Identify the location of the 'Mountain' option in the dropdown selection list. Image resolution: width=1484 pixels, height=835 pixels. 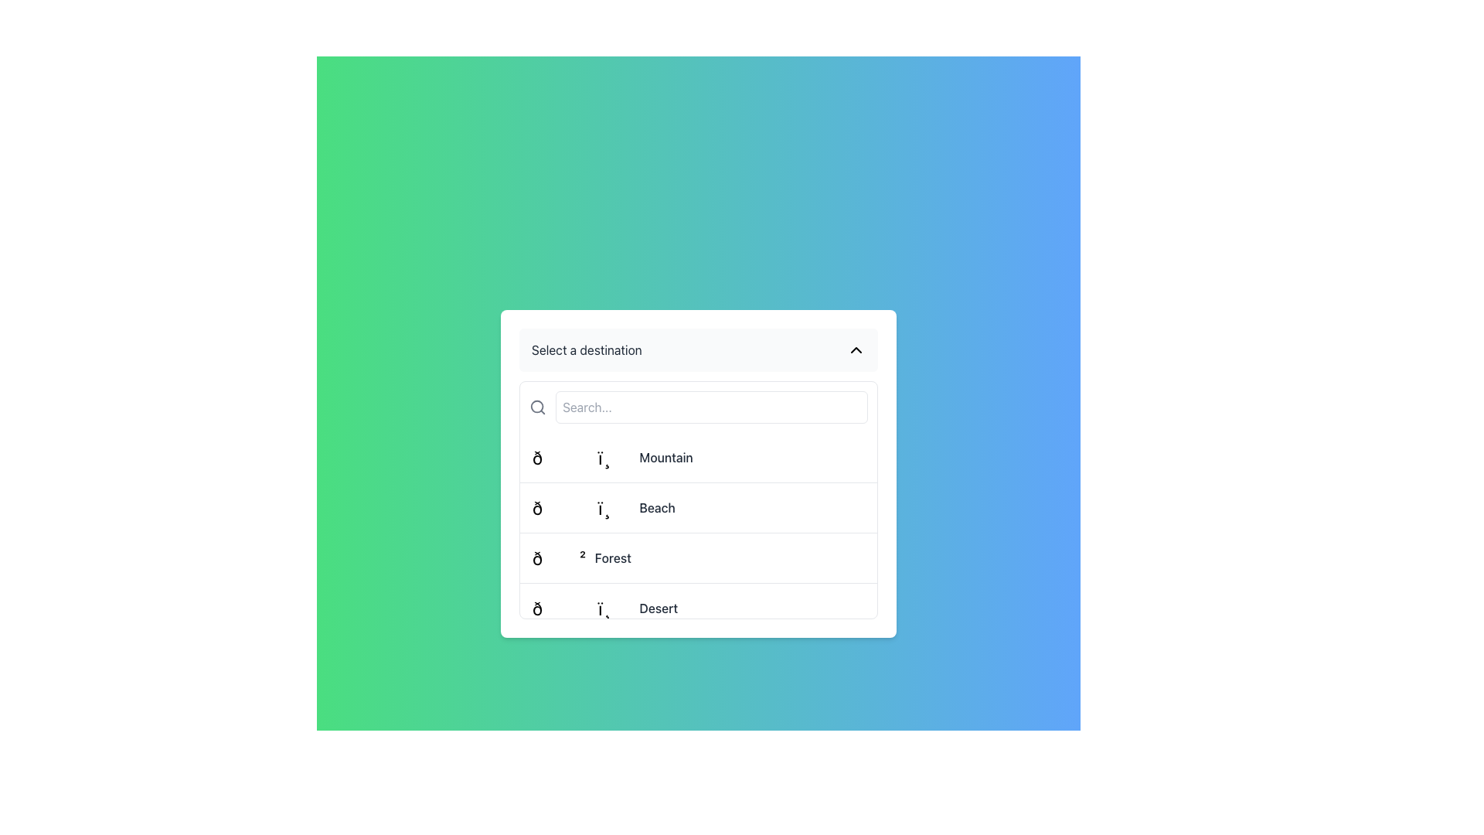
(697, 456).